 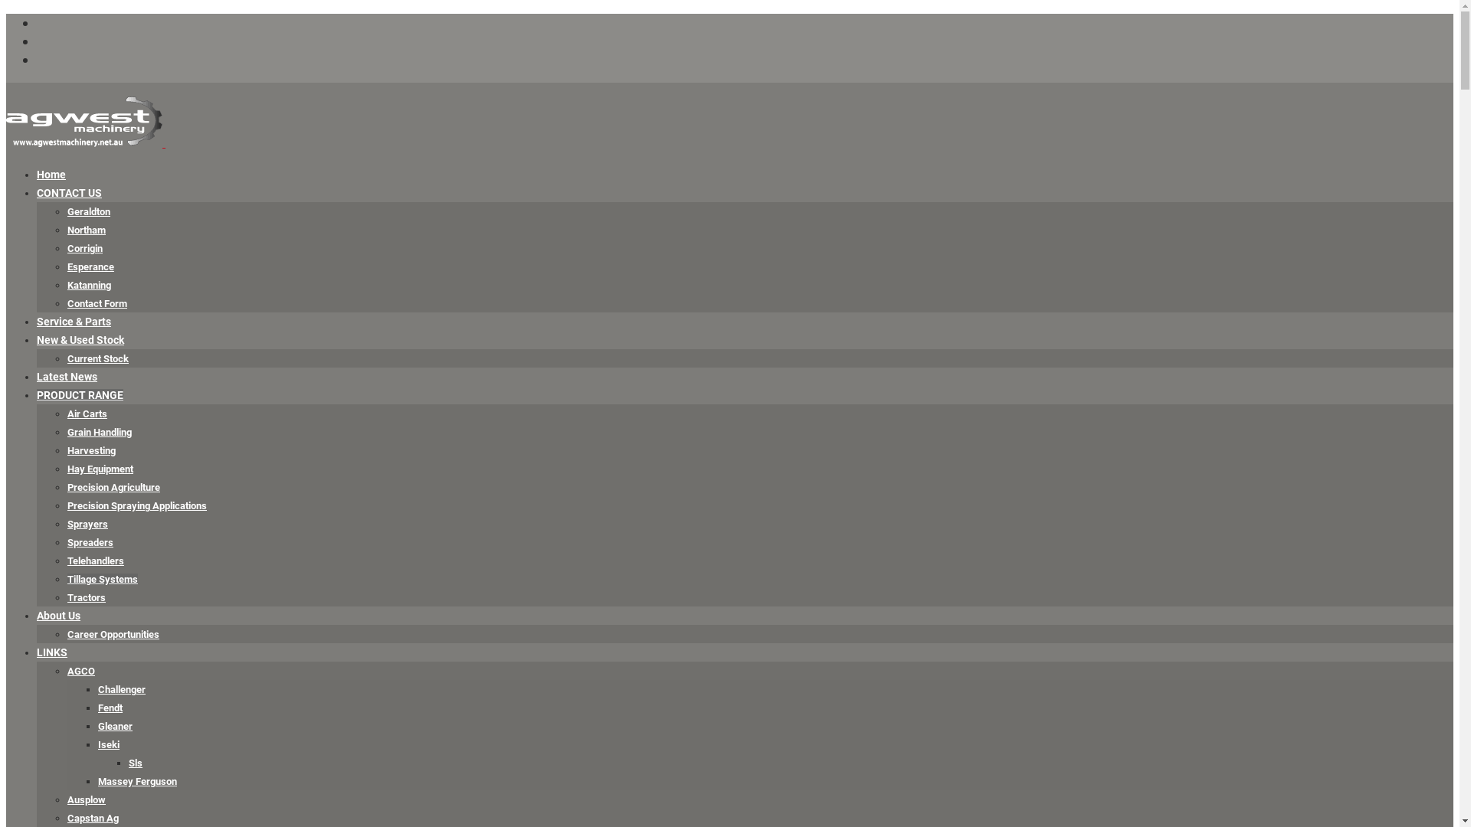 What do you see at coordinates (94, 561) in the screenshot?
I see `'Telehandlers'` at bounding box center [94, 561].